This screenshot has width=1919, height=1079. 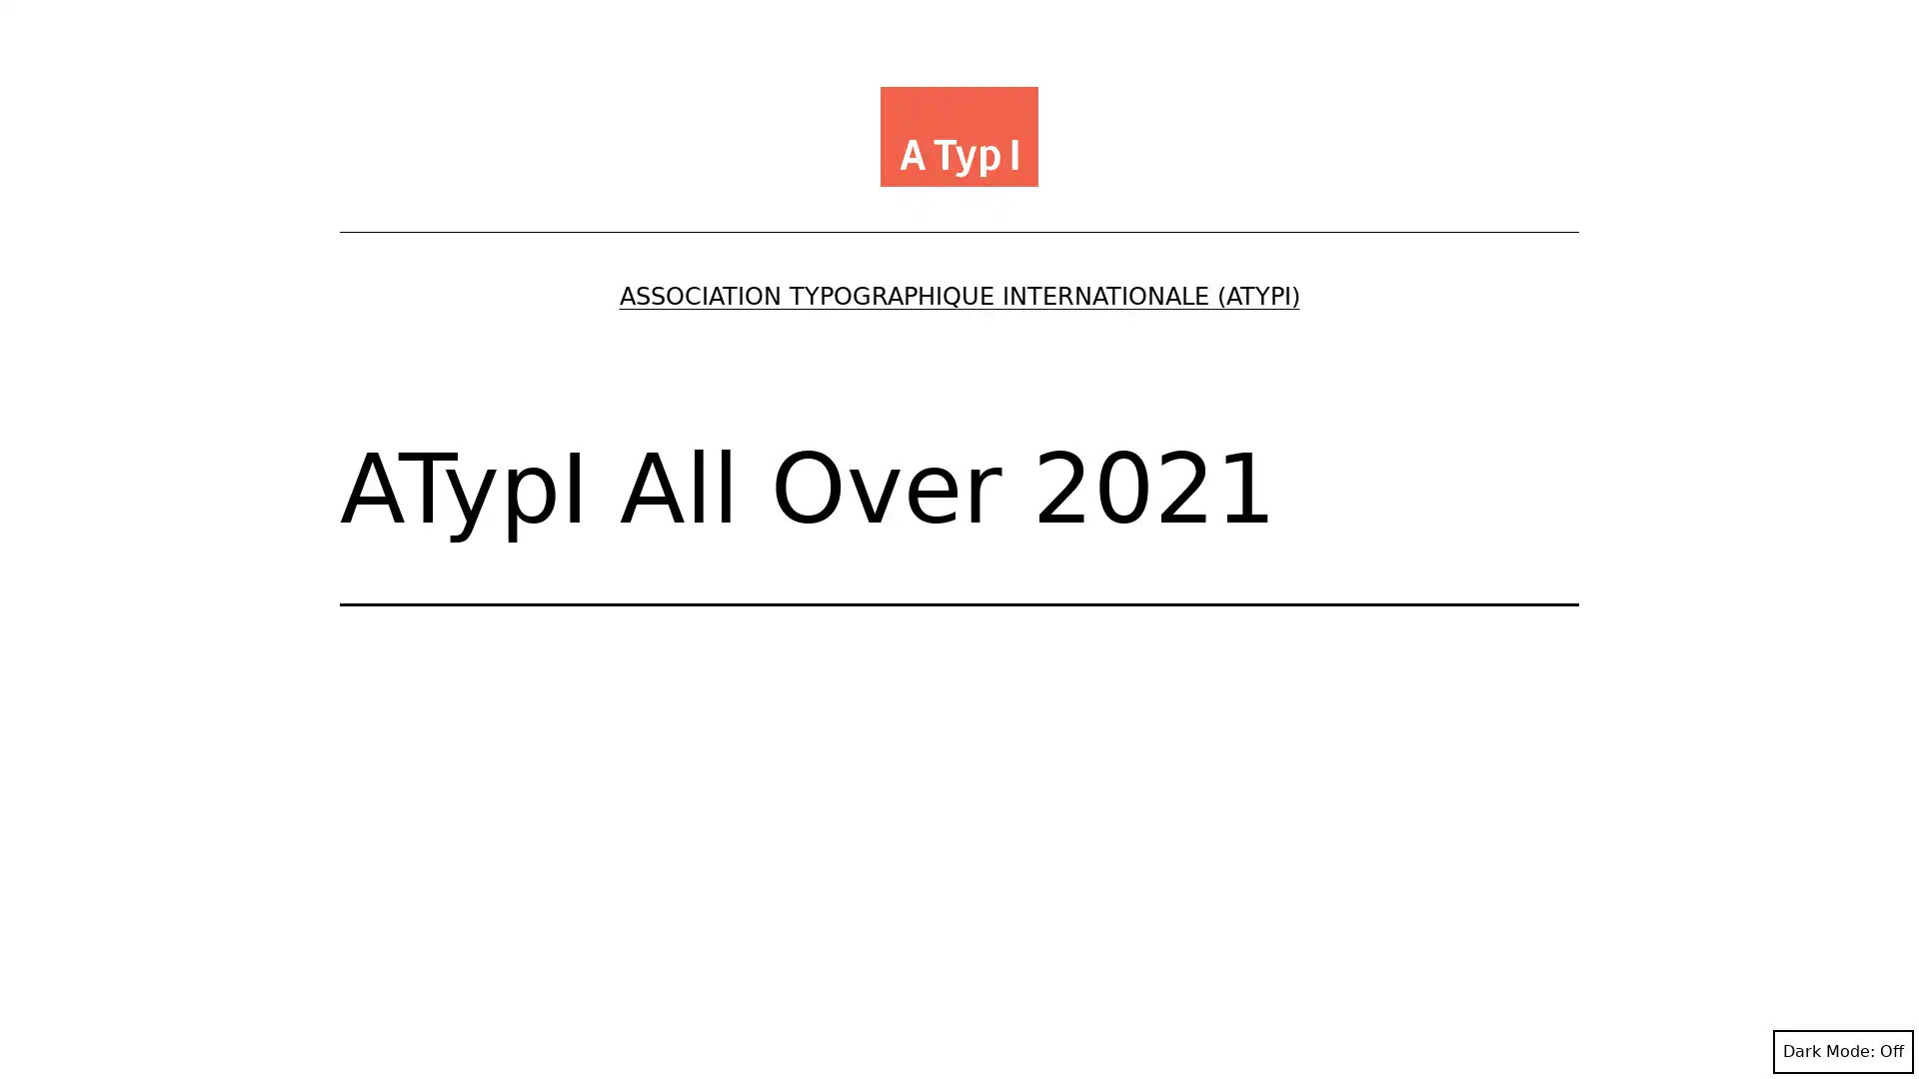 I want to click on Dark Mode:, so click(x=1842, y=1051).